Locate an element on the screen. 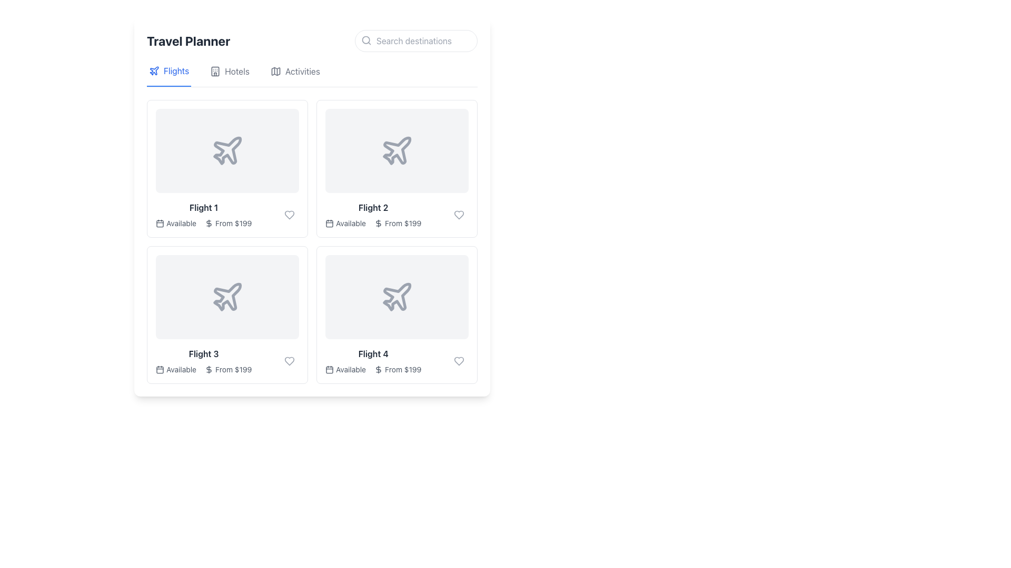 This screenshot has height=568, width=1011. the airplane icon within the 'Flight 2' card in the 'Travel Planner' section under the 'Flights' tab is located at coordinates (396, 150).